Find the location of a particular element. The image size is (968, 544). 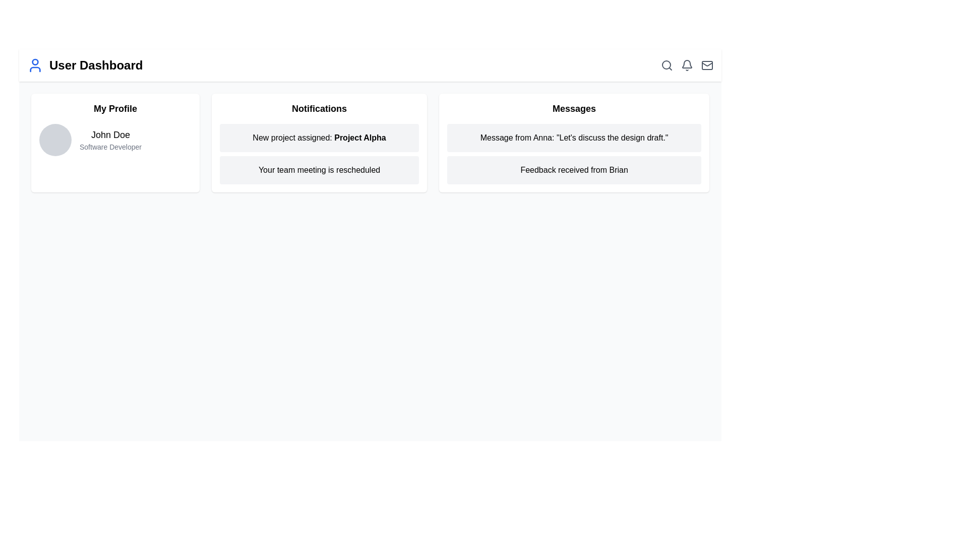

the profile title text label that identifies the user profile section, located at the top of the profile card, above the user's avatar and information is located at coordinates (115, 109).